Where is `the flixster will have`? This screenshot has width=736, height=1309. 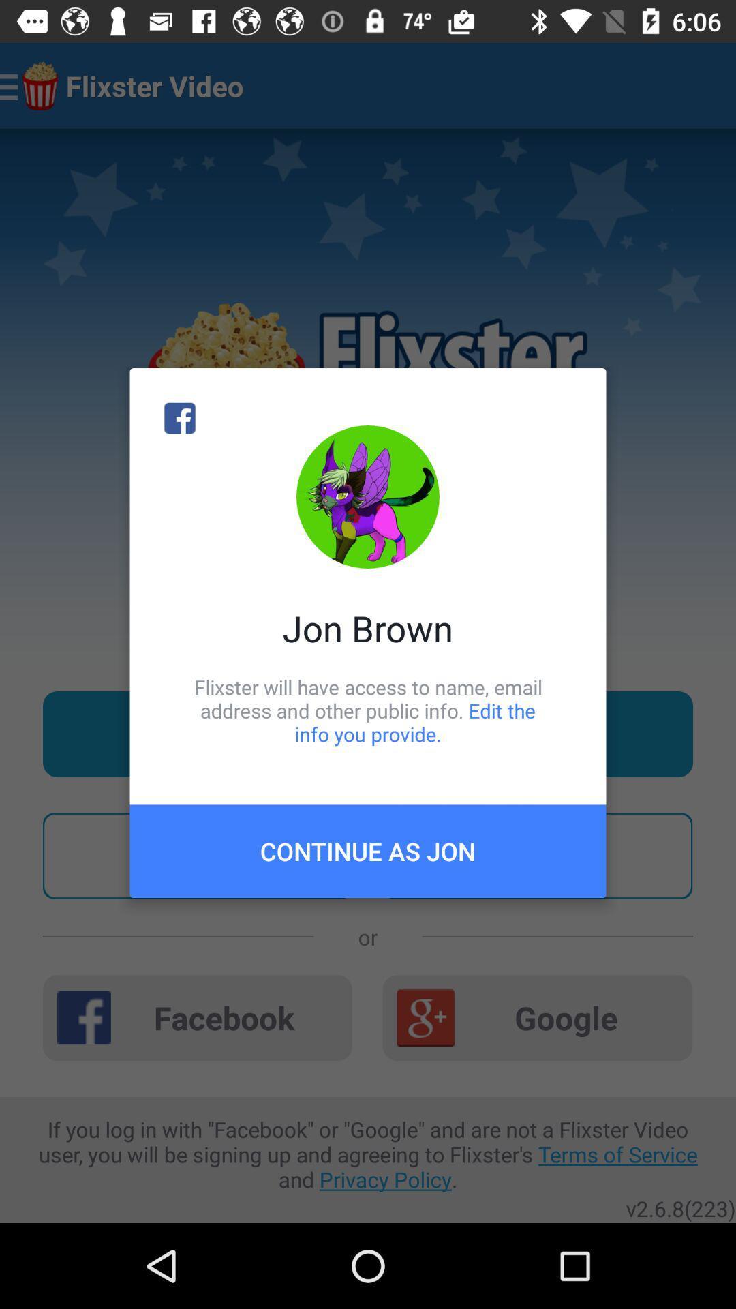
the flixster will have is located at coordinates (368, 710).